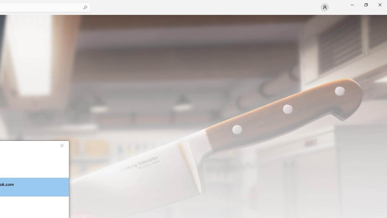  Describe the element at coordinates (379, 5) in the screenshot. I see `'Close Microsoft Store'` at that location.